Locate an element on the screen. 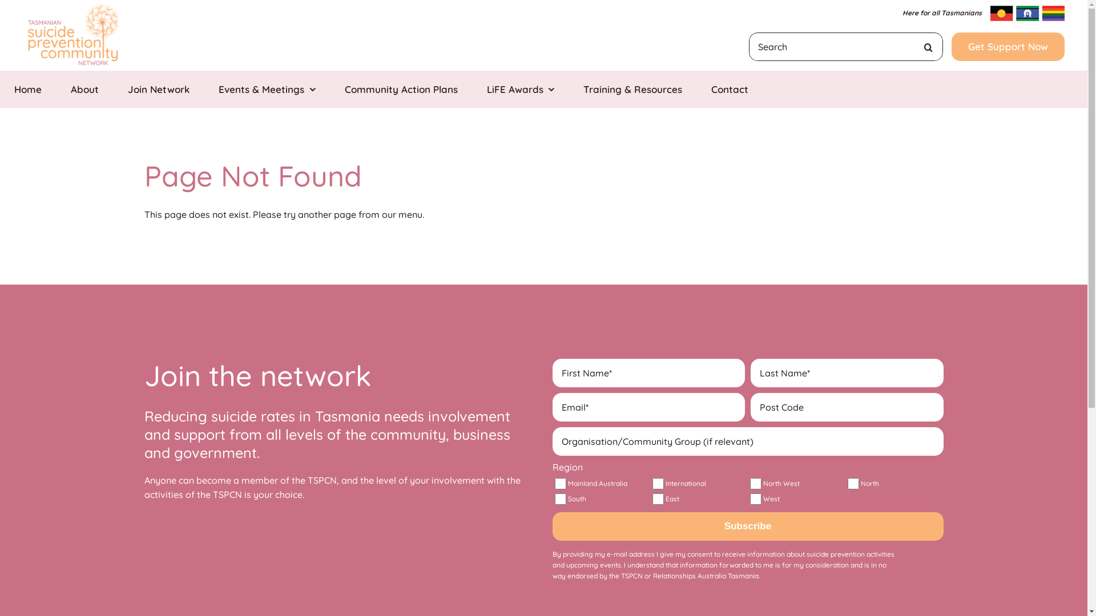  'Training & Resources' is located at coordinates (632, 88).